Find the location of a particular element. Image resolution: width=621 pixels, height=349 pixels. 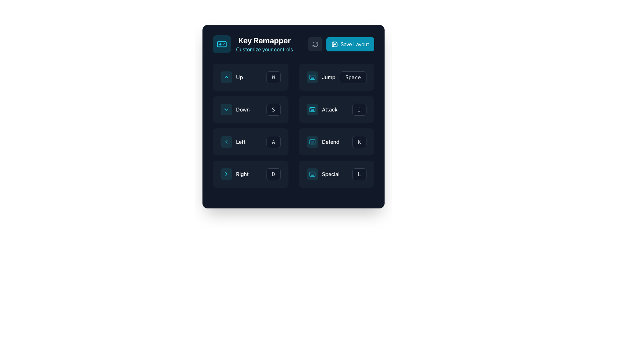

the cyan-tinted keyboard icon button located is located at coordinates (312, 174).